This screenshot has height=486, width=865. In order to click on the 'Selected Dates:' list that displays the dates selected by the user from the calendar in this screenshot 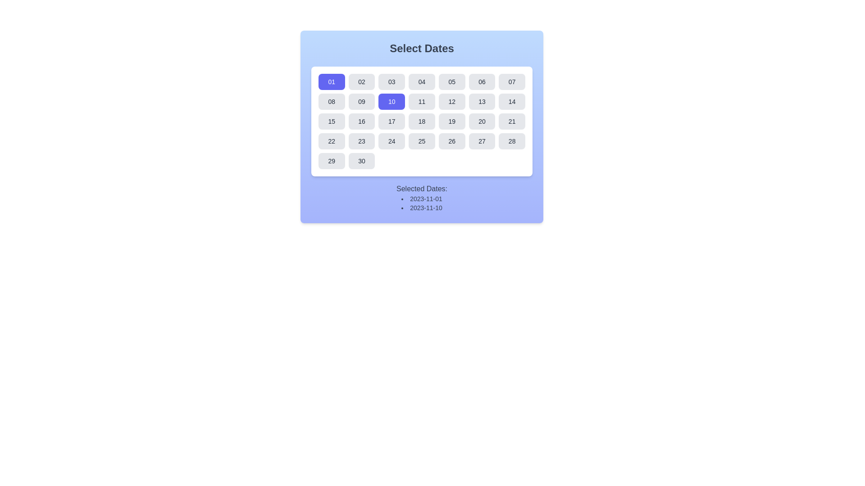, I will do `click(421, 203)`.